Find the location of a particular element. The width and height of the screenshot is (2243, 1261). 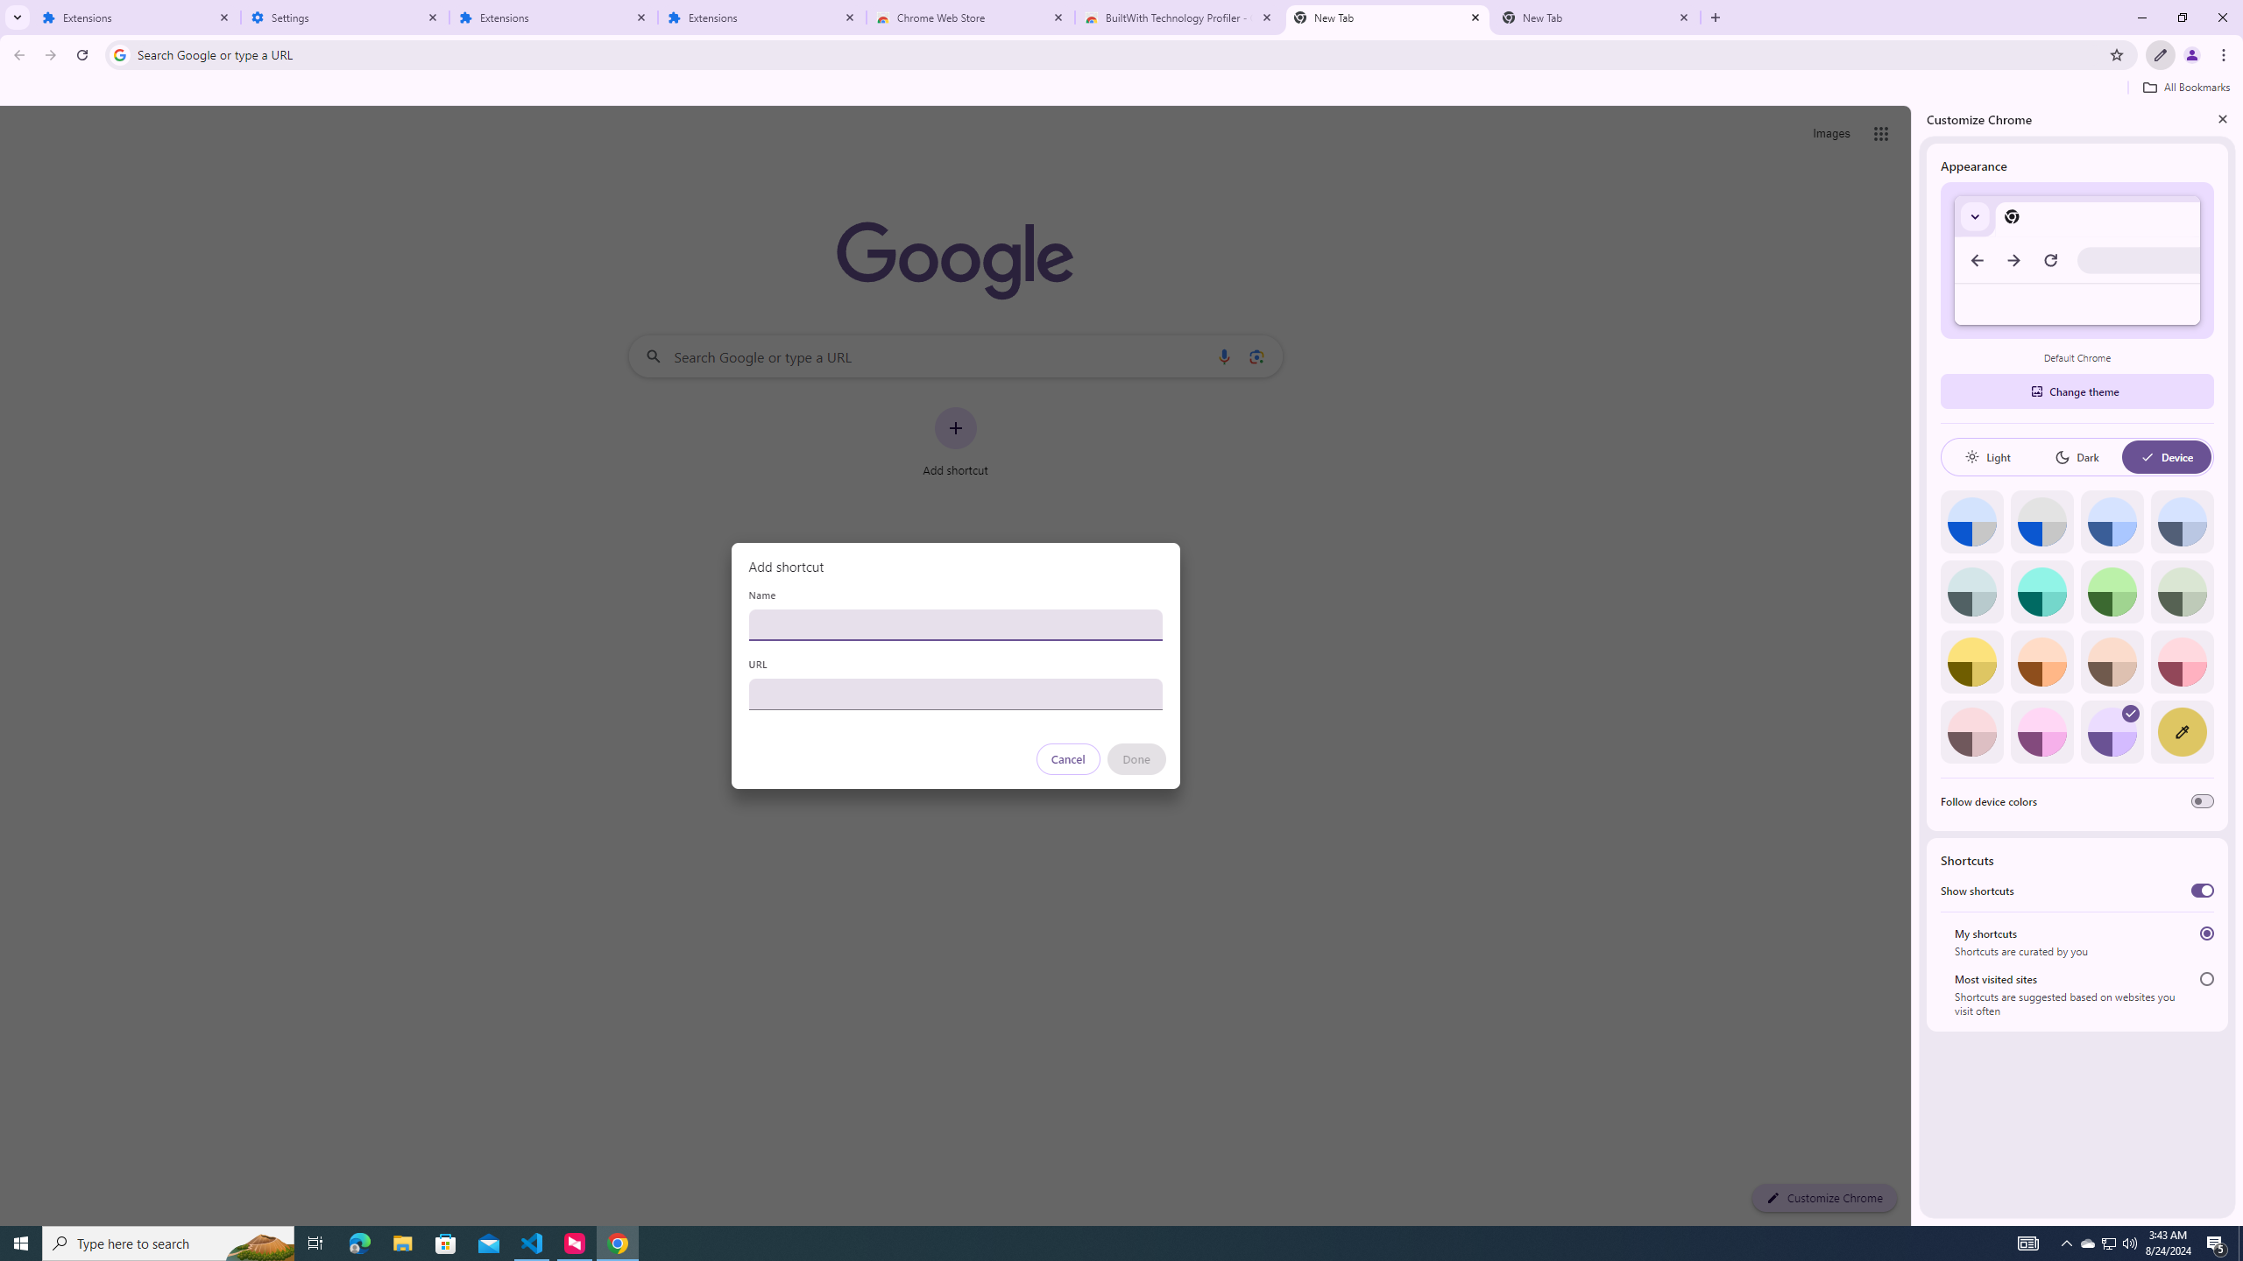

'Name' is located at coordinates (954, 623).